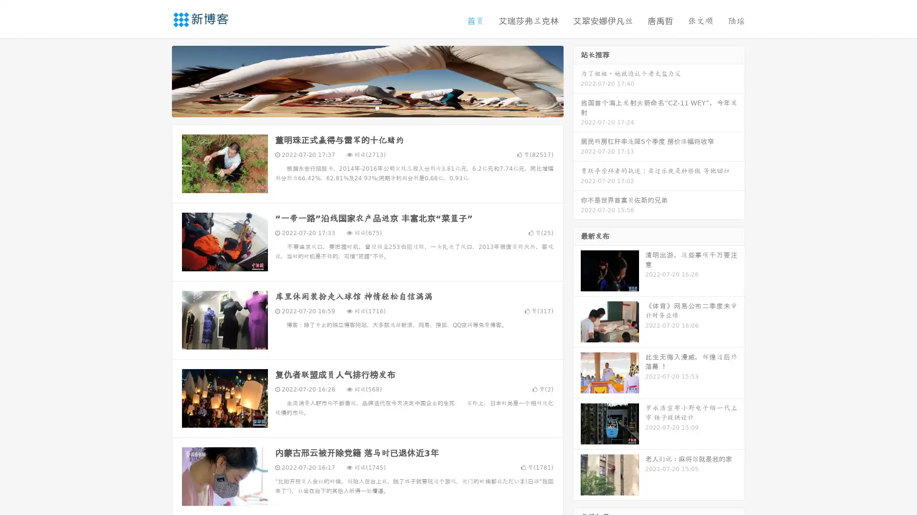 The image size is (917, 515). Describe the element at coordinates (577, 80) in the screenshot. I see `Next slide` at that location.